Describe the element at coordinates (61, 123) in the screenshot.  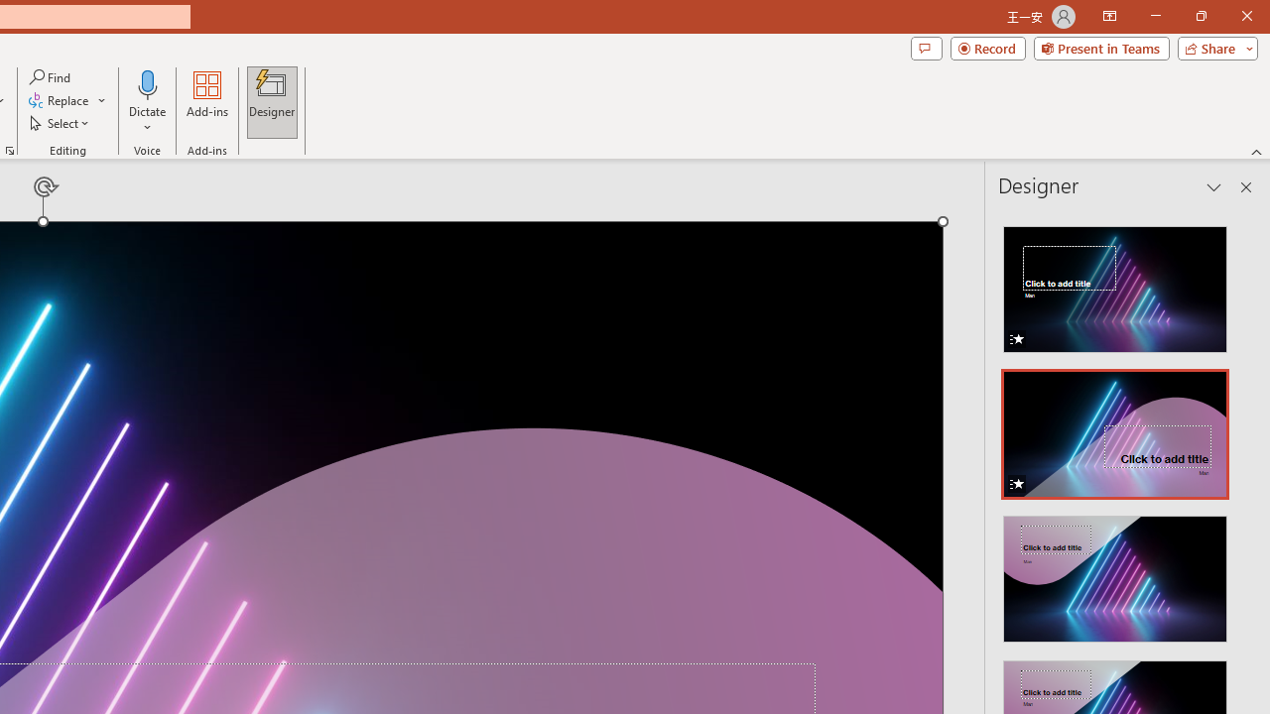
I see `'Select'` at that location.